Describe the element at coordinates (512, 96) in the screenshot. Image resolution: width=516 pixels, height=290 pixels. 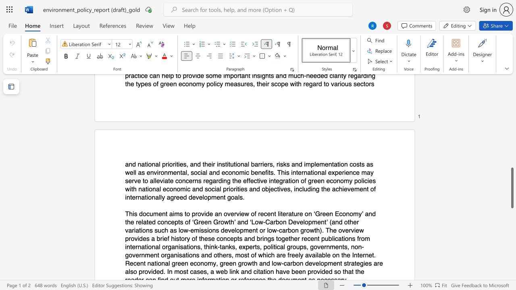
I see `the scrollbar on the right` at that location.